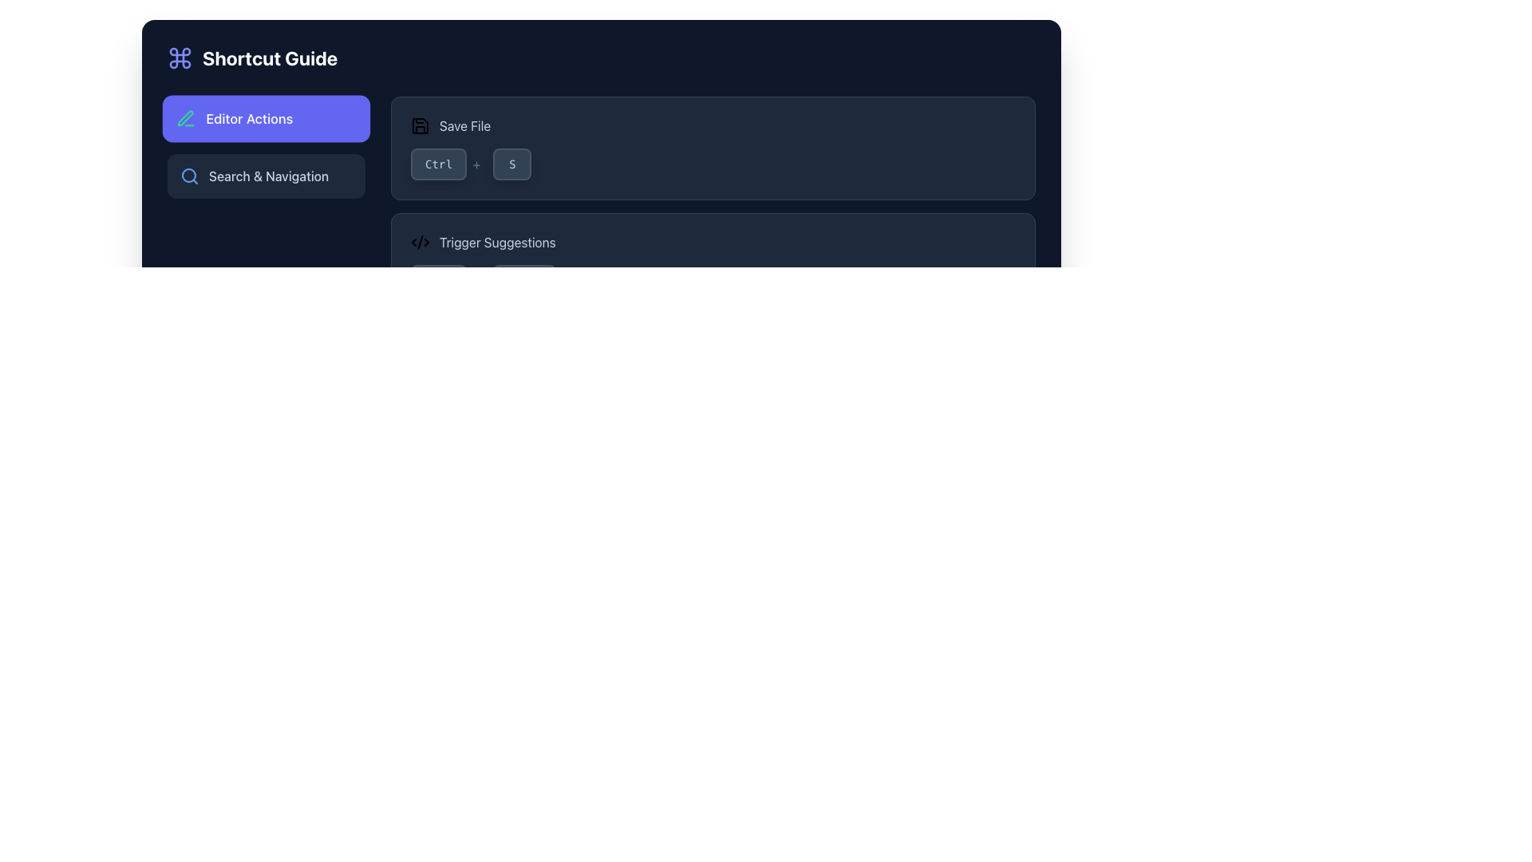  Describe the element at coordinates (180, 57) in the screenshot. I see `the icon located in the upper-left section of the interface, adjacent to the 'Shortcut Guide' label, which serves as an identifier for the section` at that location.